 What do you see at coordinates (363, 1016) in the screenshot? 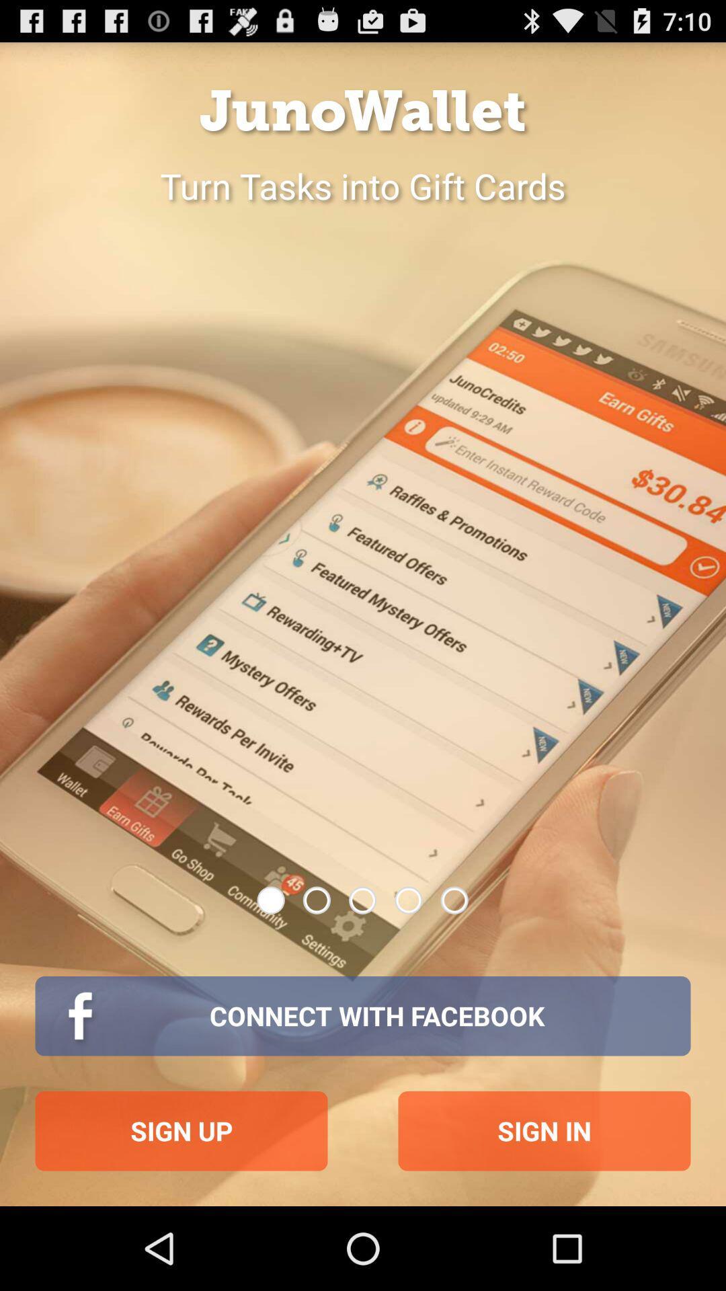
I see `the connect with facebook icon` at bounding box center [363, 1016].